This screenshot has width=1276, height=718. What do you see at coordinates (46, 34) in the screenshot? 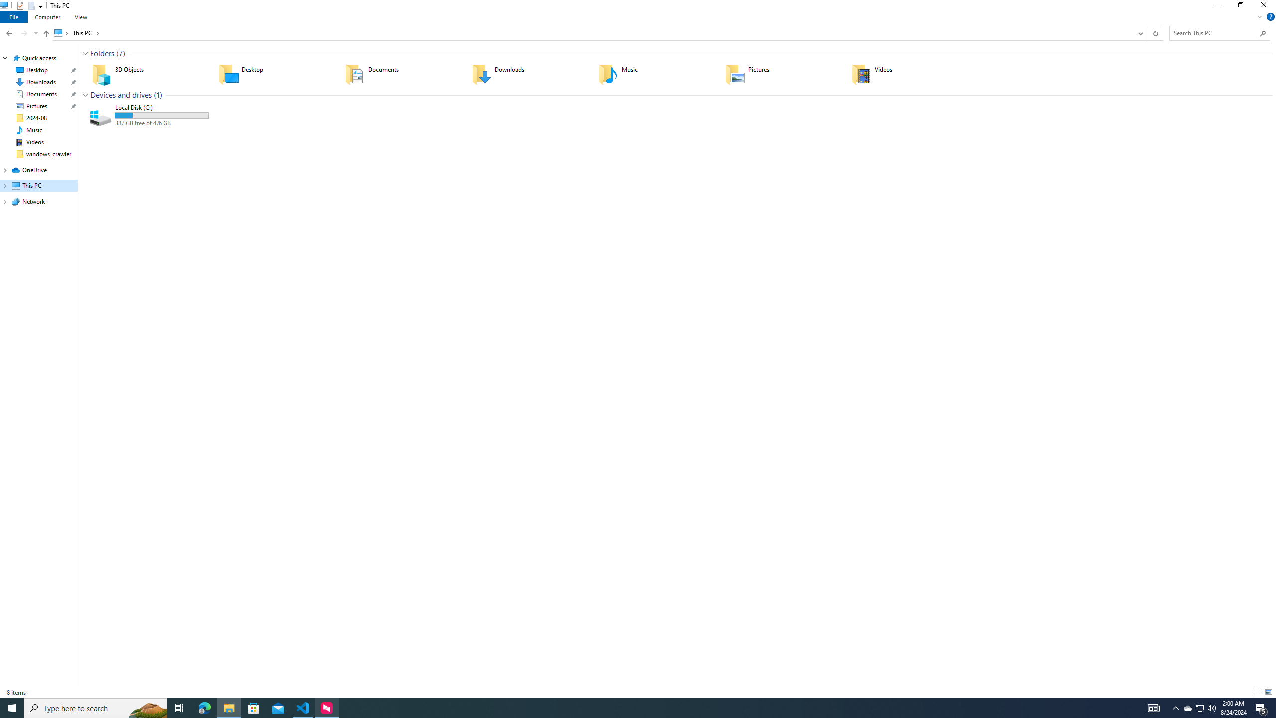
I see `'Up to "Desktop" (Alt + Up Arrow)'` at bounding box center [46, 34].